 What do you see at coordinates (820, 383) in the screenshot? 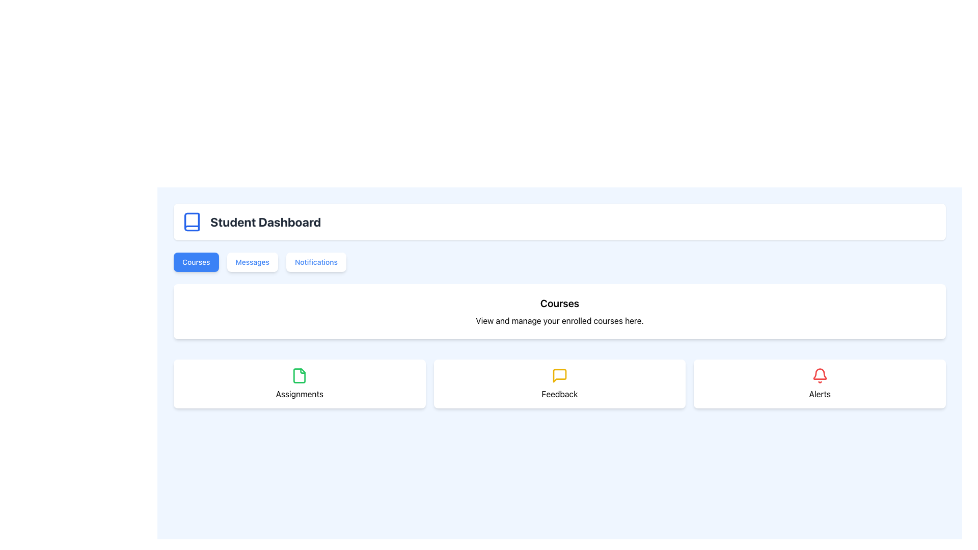
I see `the alerts card, which is a rectangular card with a white background, rounded corners, and a red bell icon at the top` at bounding box center [820, 383].